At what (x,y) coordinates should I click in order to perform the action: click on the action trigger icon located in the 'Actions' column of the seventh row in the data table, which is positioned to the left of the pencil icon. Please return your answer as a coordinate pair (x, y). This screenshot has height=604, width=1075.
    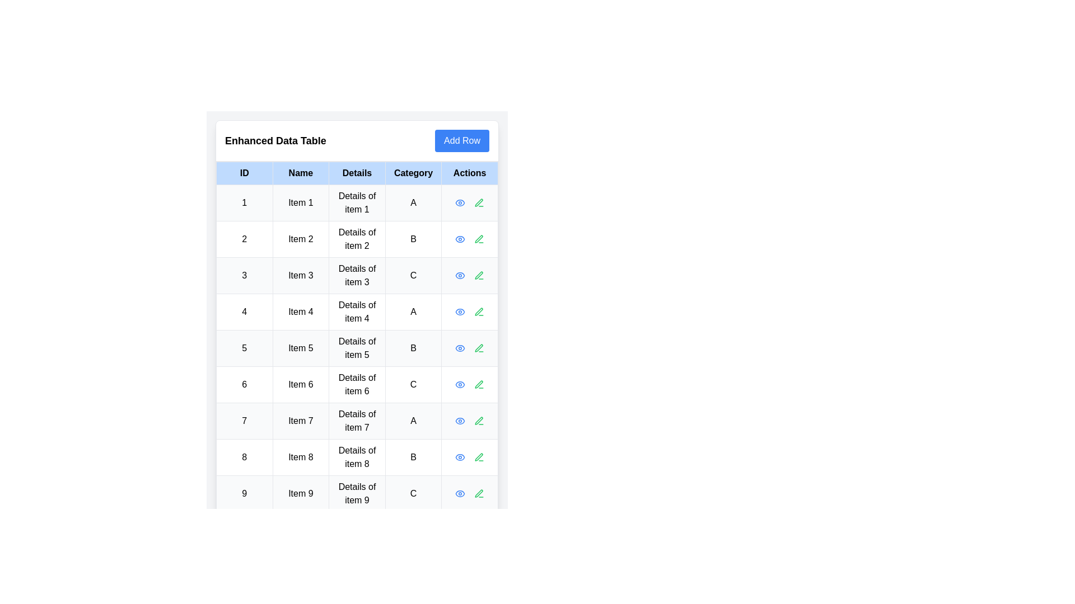
    Looking at the image, I should click on (460, 421).